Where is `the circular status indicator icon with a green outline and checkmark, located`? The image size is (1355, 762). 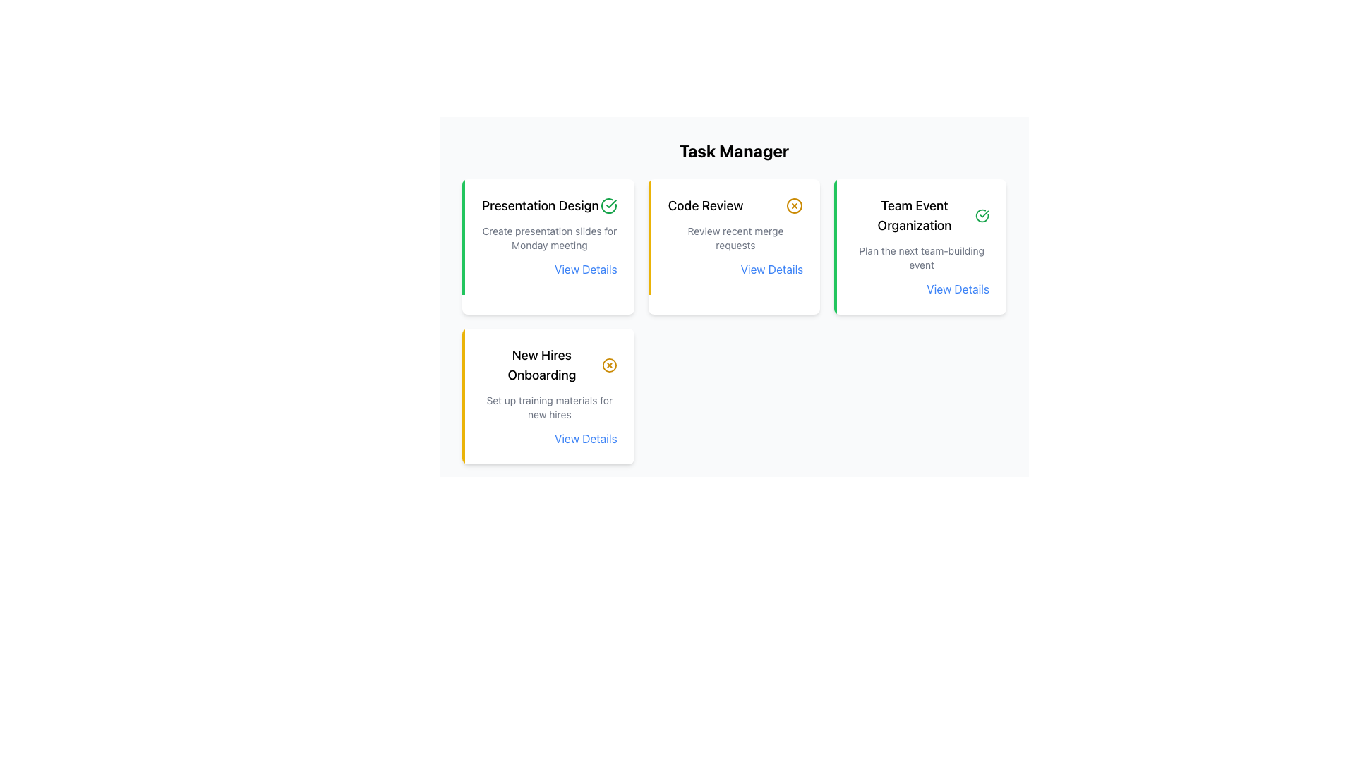 the circular status indicator icon with a green outline and checkmark, located is located at coordinates (982, 215).